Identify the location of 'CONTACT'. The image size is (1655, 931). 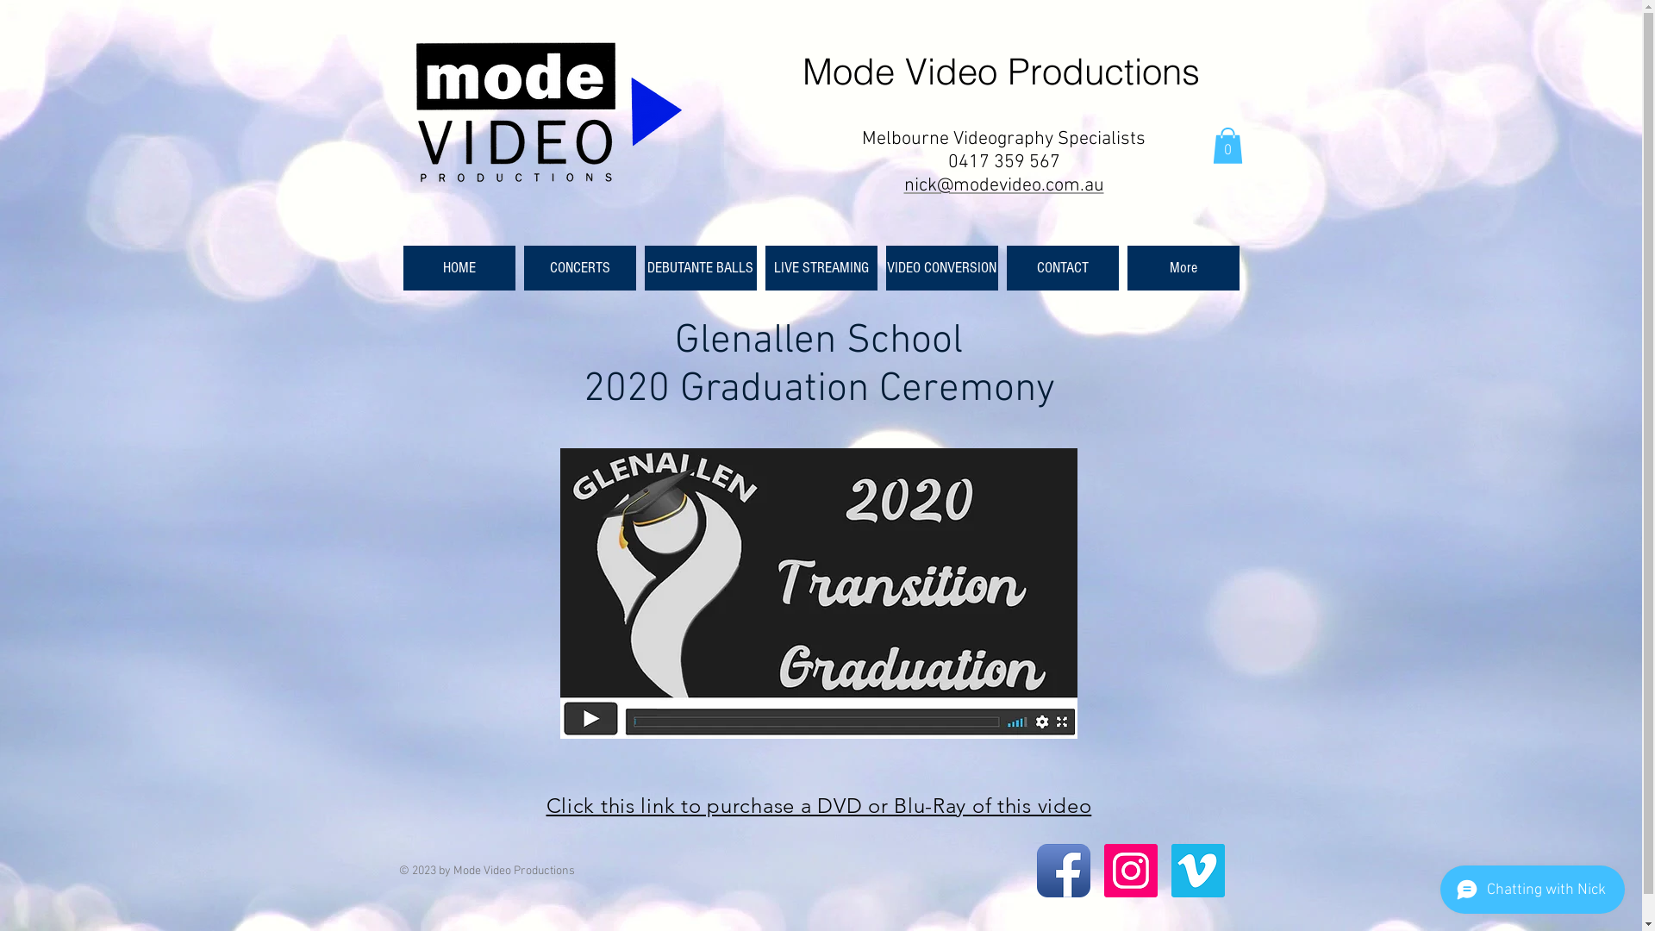
(1062, 268).